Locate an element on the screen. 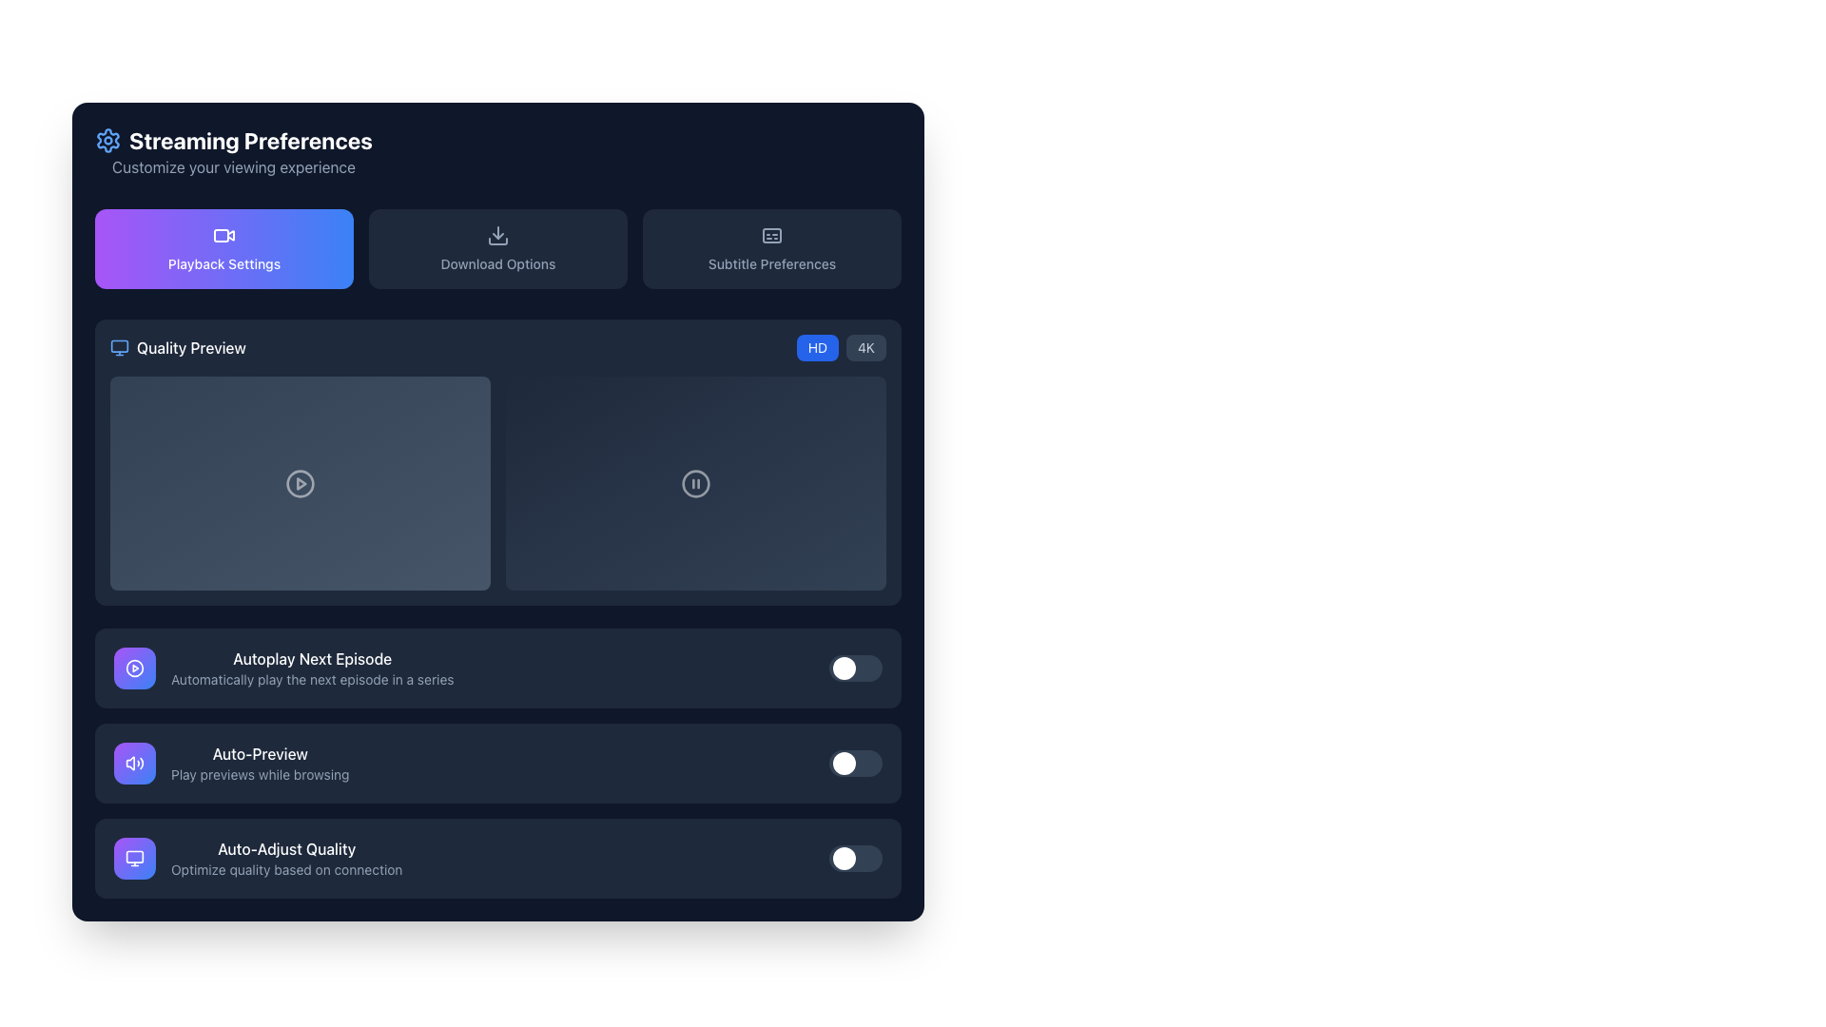 This screenshot has width=1826, height=1027. the 'Download Options' button containing the graphical icon of a downward arrow above a curved line, which is the second option in the horizontal menu at the top of the interface is located at coordinates (497, 234).